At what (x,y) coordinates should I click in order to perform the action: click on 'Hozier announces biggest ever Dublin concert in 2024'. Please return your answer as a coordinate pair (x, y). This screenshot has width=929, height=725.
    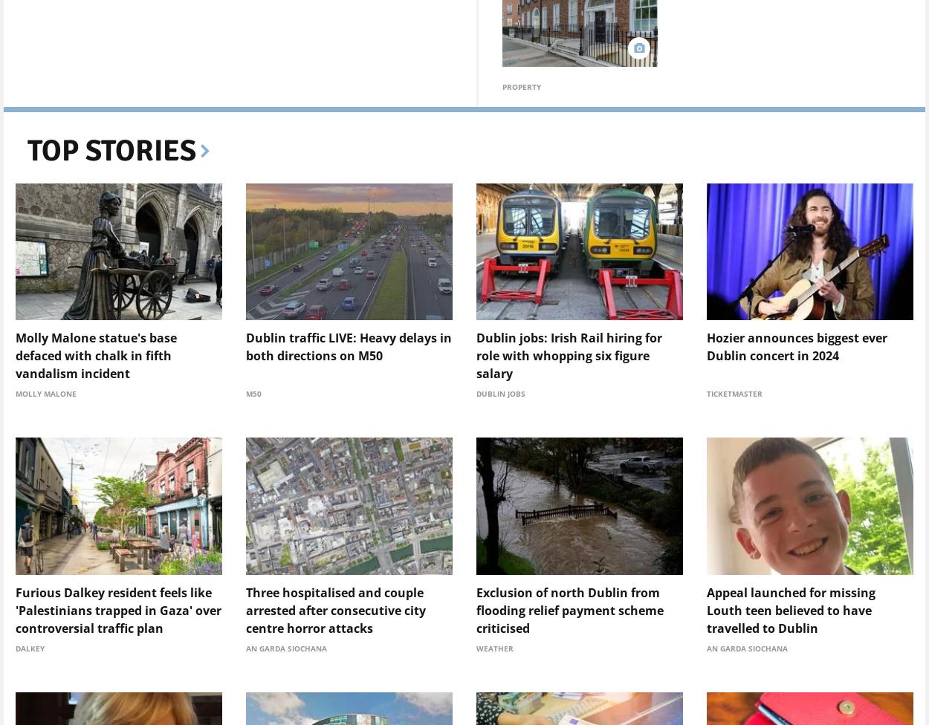
    Looking at the image, I should click on (796, 346).